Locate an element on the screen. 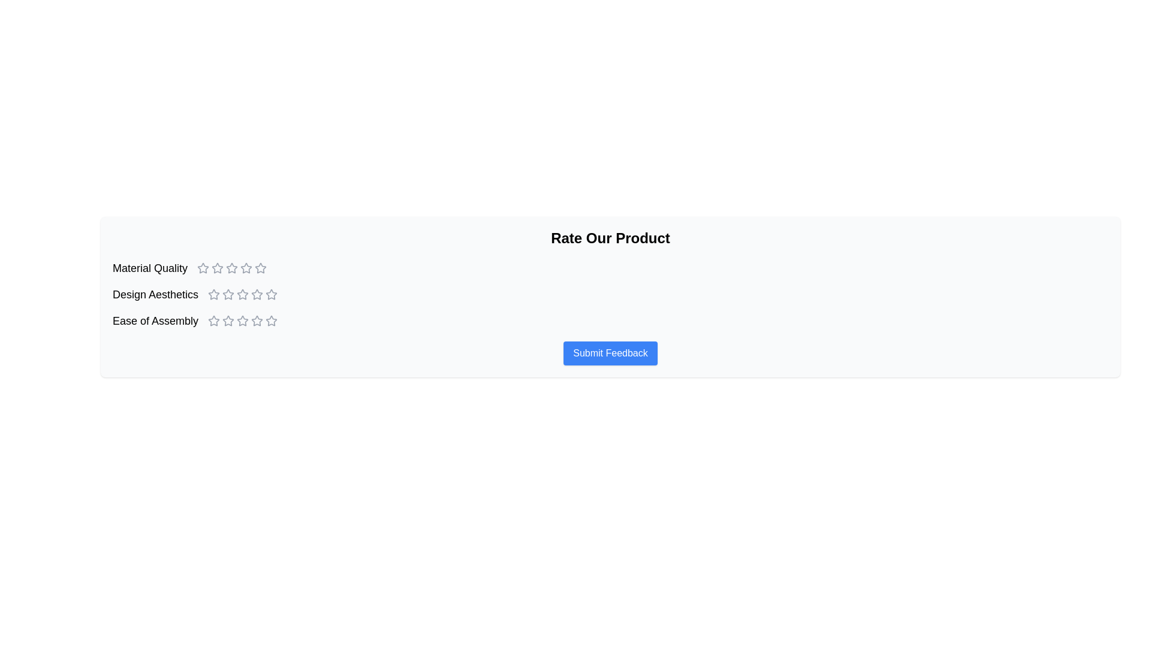  the first hollow star icon in the 5-star rating component for 'Ease of Assembly' is located at coordinates (214, 320).